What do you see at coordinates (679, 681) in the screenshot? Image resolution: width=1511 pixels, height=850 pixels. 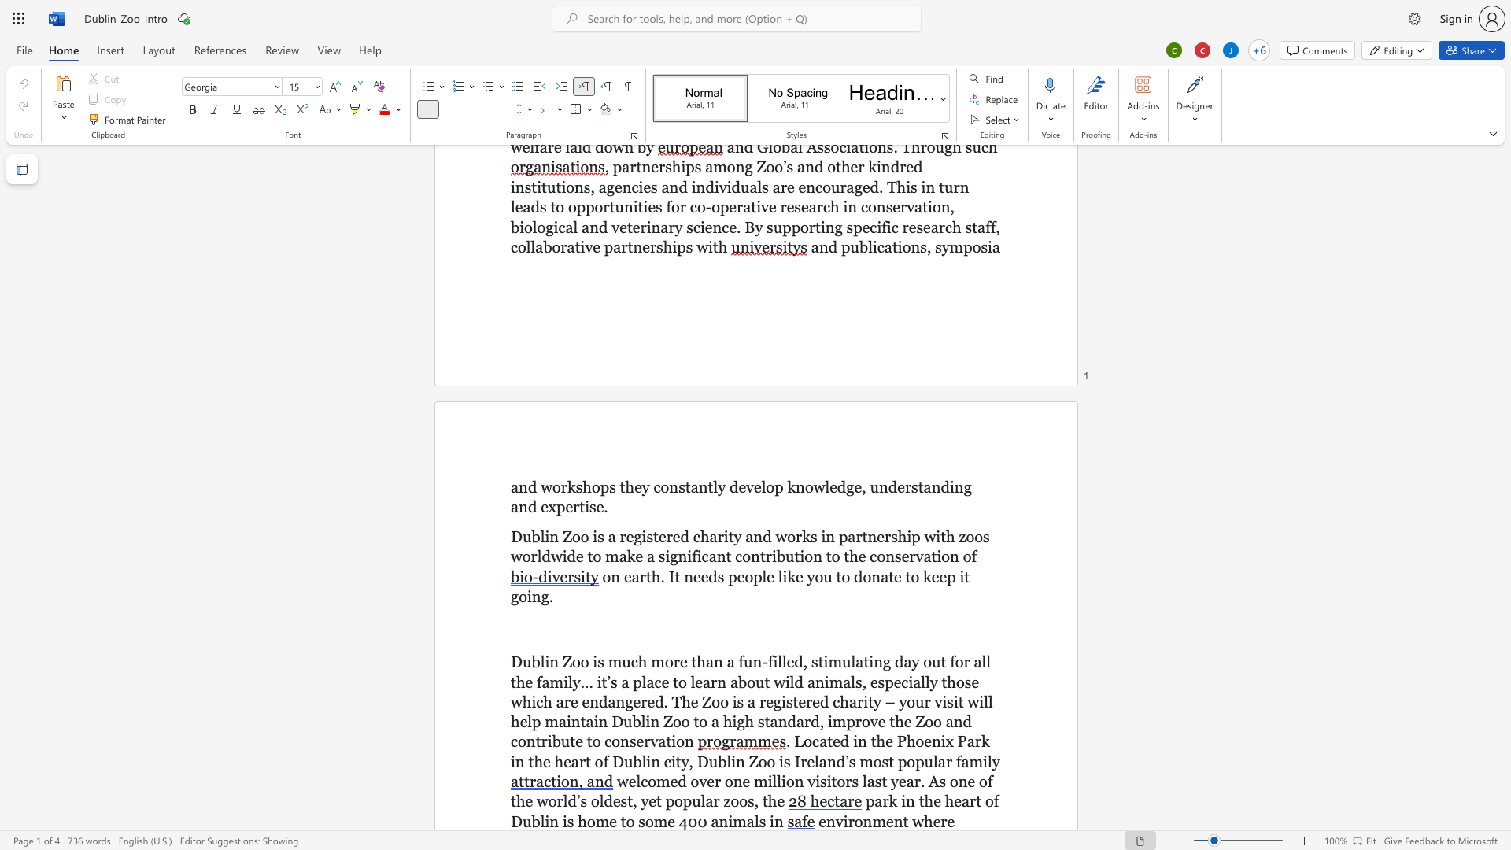 I see `the space between the continuous character "t" and "o" in the text` at bounding box center [679, 681].